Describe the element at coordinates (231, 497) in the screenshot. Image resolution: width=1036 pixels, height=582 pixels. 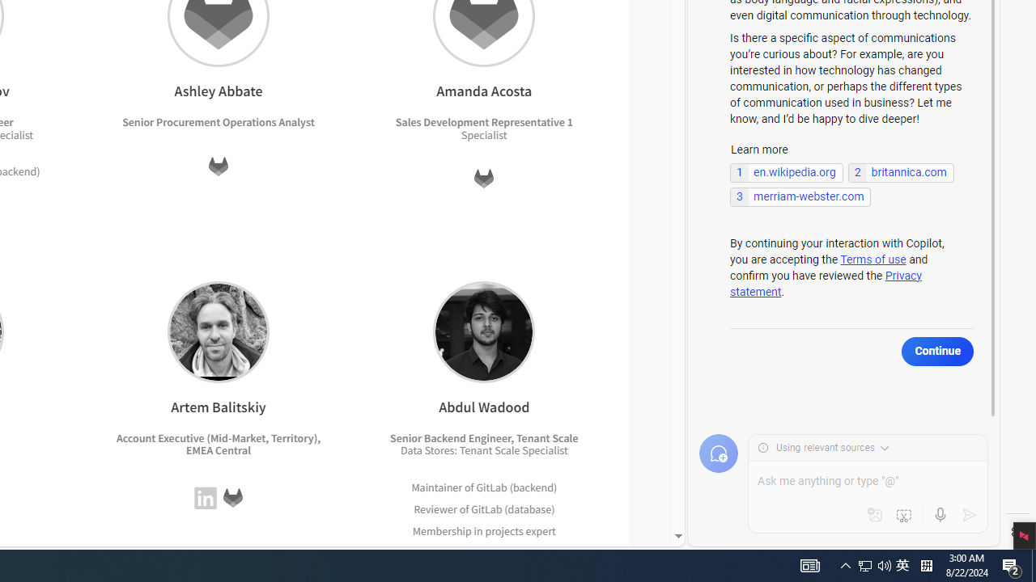
I see `'GitLab'` at that location.